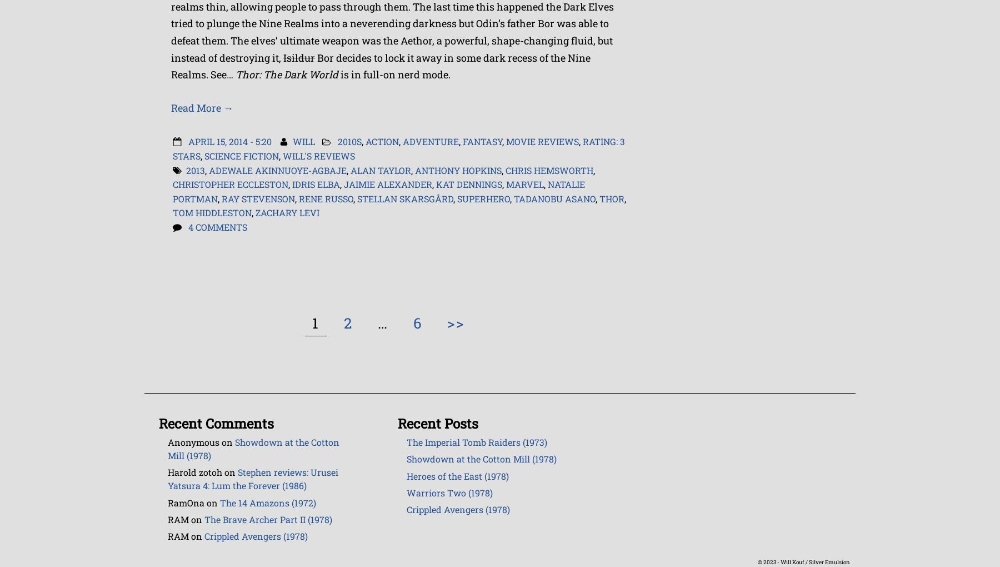 Image resolution: width=1000 pixels, height=567 pixels. What do you see at coordinates (316, 322) in the screenshot?
I see `'1'` at bounding box center [316, 322].